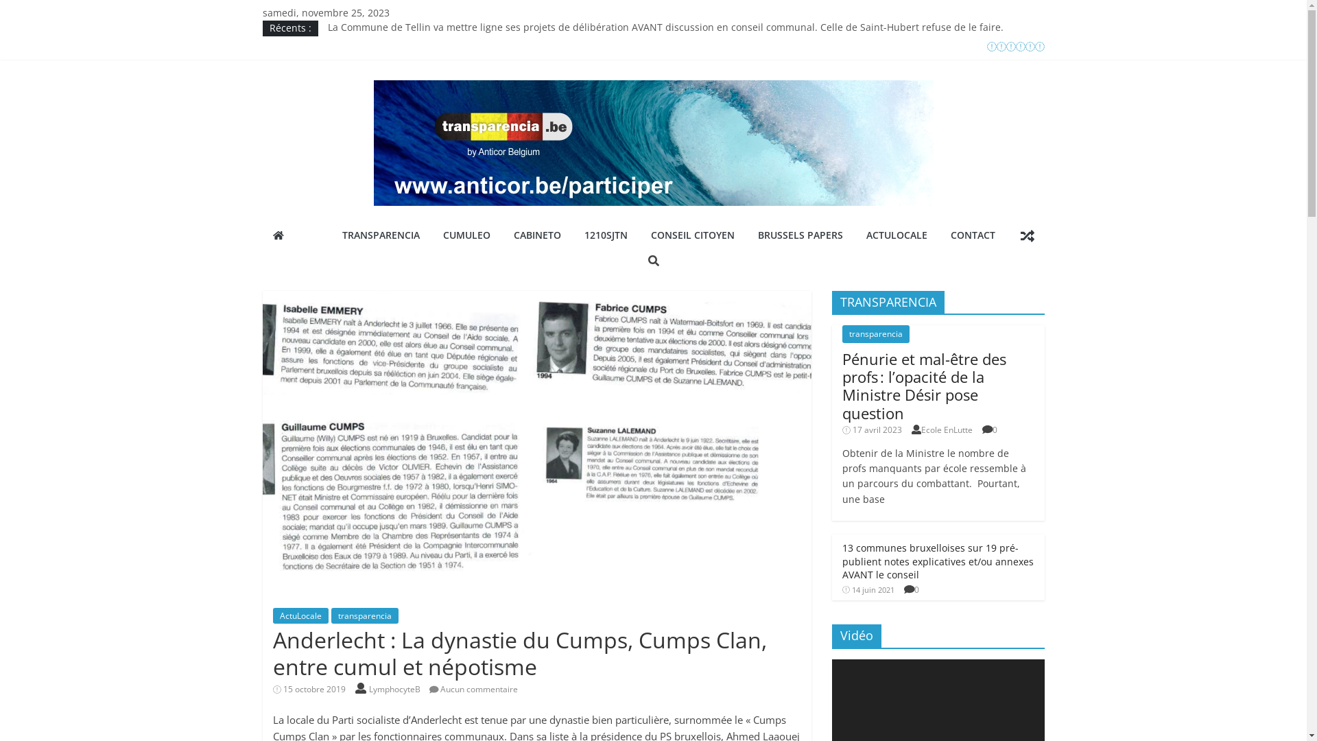 The width and height of the screenshot is (1317, 741). Describe the element at coordinates (945, 429) in the screenshot. I see `'Ecole EnLutte'` at that location.